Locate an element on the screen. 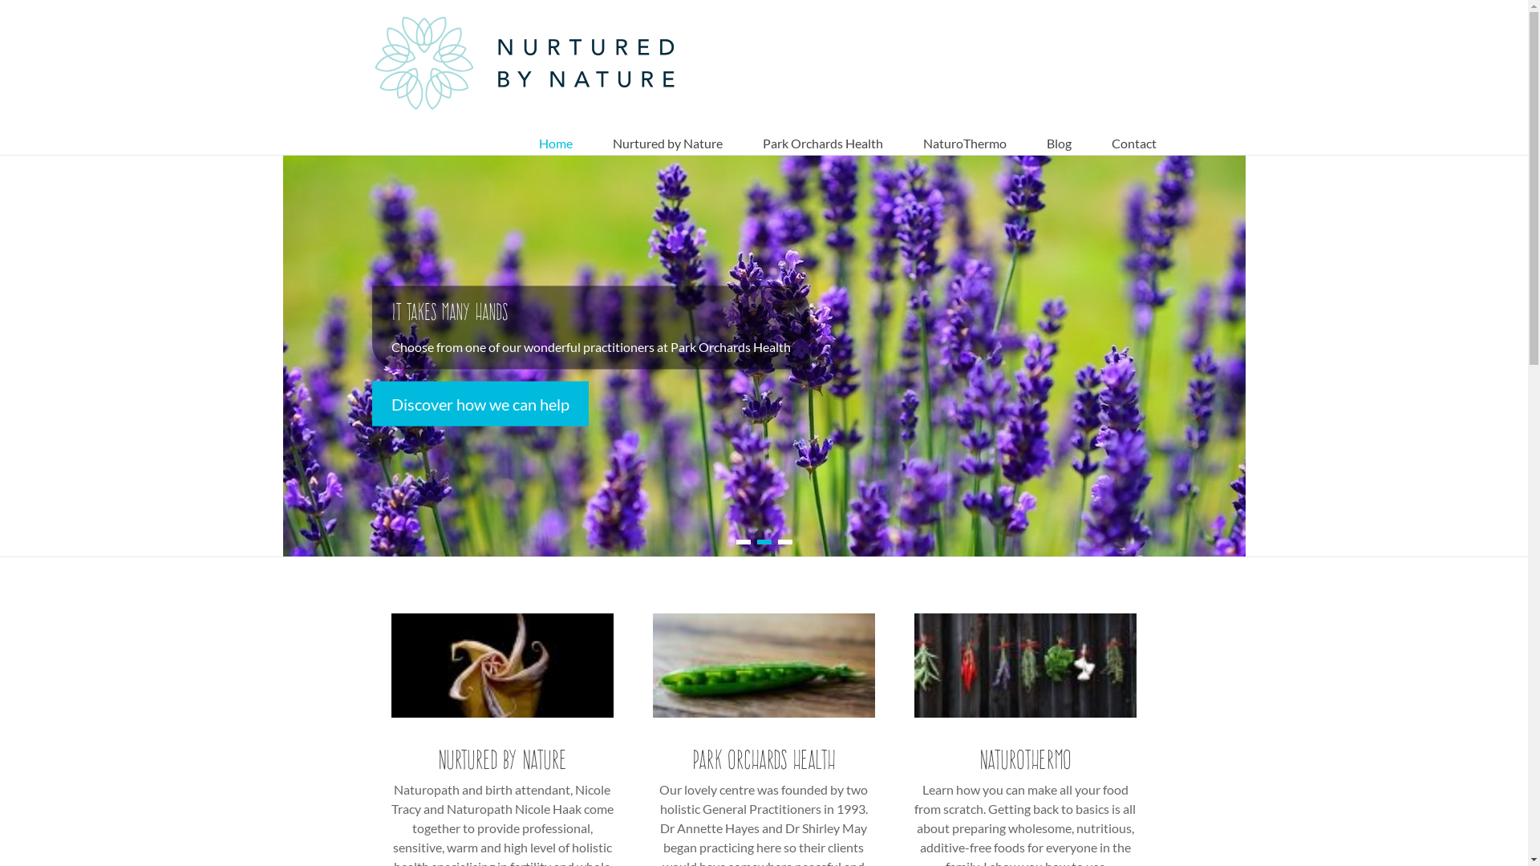 This screenshot has height=866, width=1540. 'NaturoThermo' is located at coordinates (978, 759).